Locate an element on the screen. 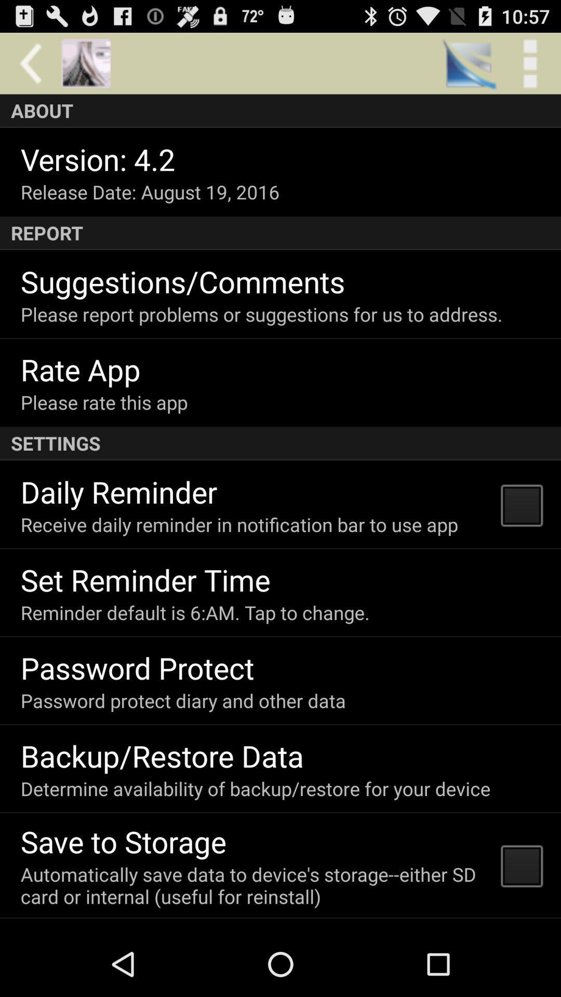 This screenshot has height=997, width=561. app below save to storage is located at coordinates (254, 885).